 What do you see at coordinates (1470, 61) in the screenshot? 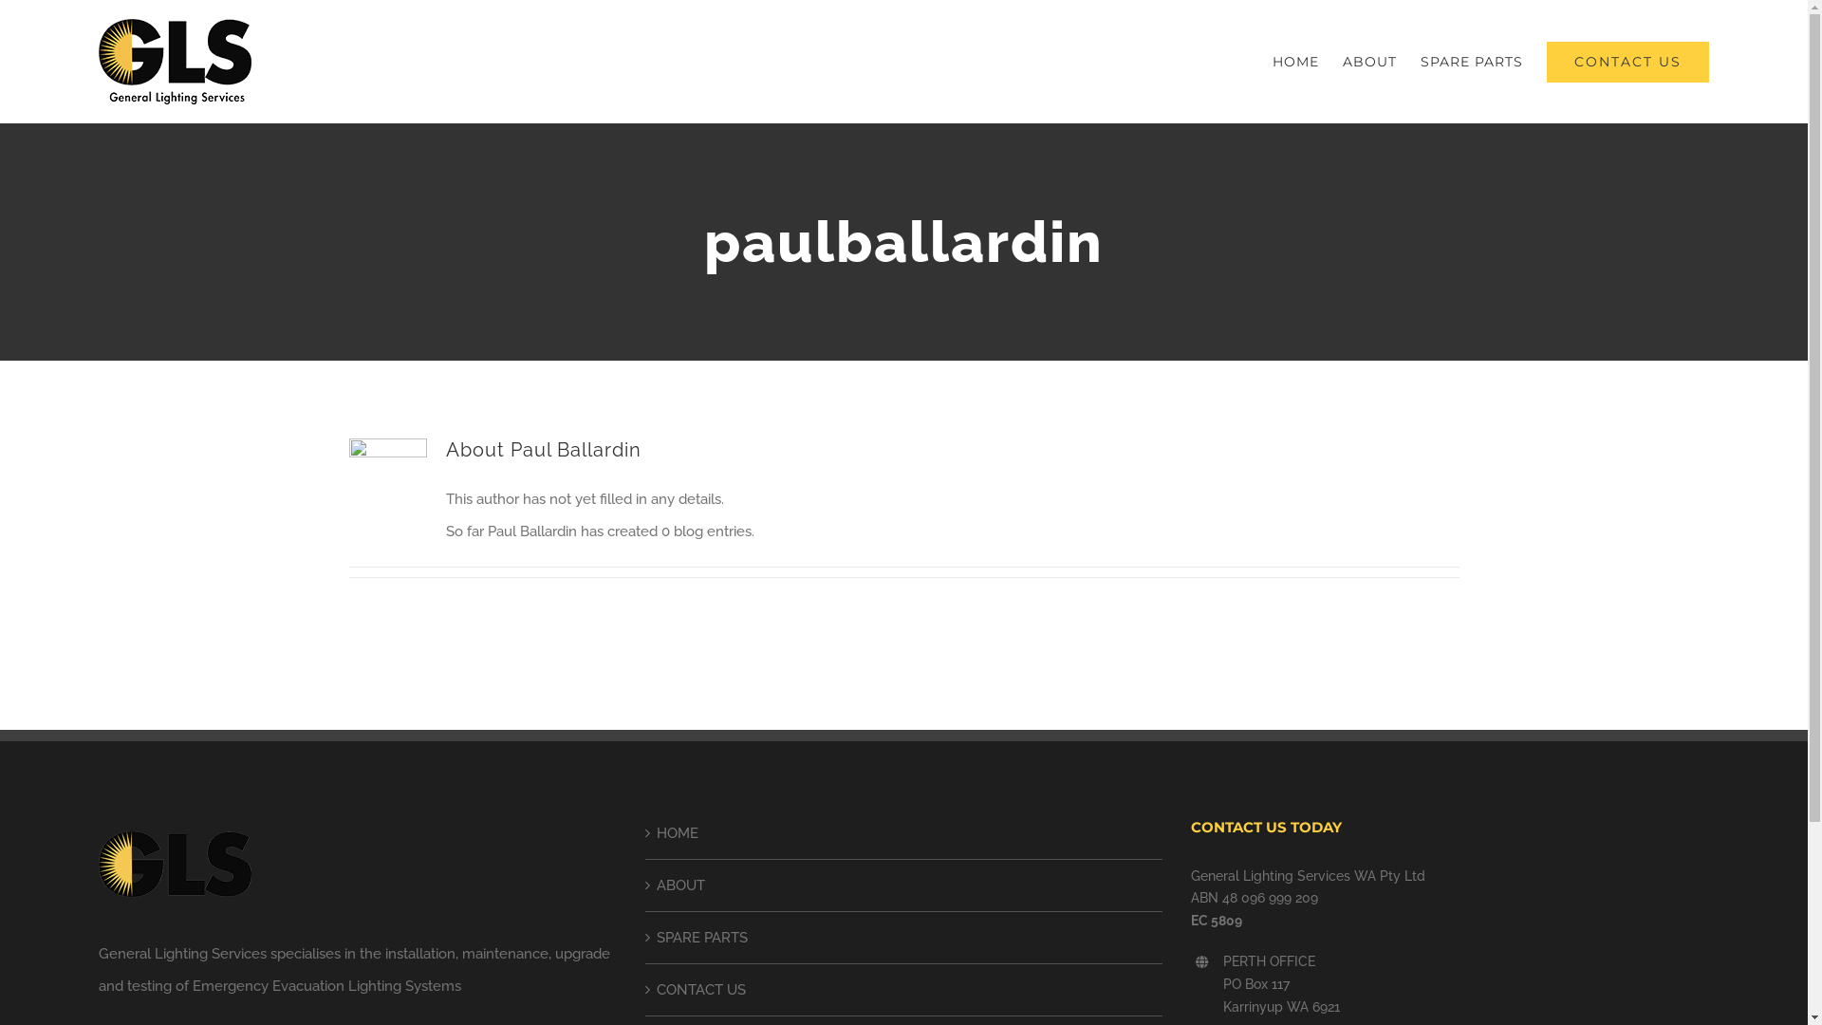
I see `'SPARE PARTS'` at bounding box center [1470, 61].